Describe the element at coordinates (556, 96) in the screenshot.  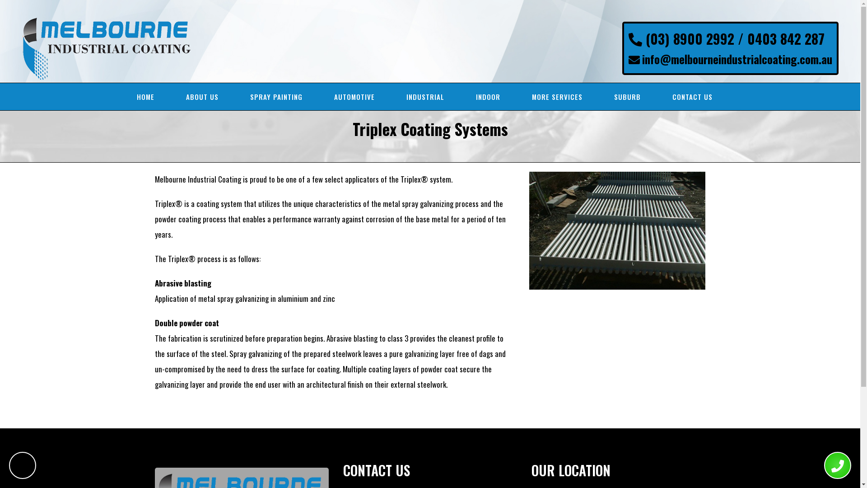
I see `'MORE SERVICES'` at that location.